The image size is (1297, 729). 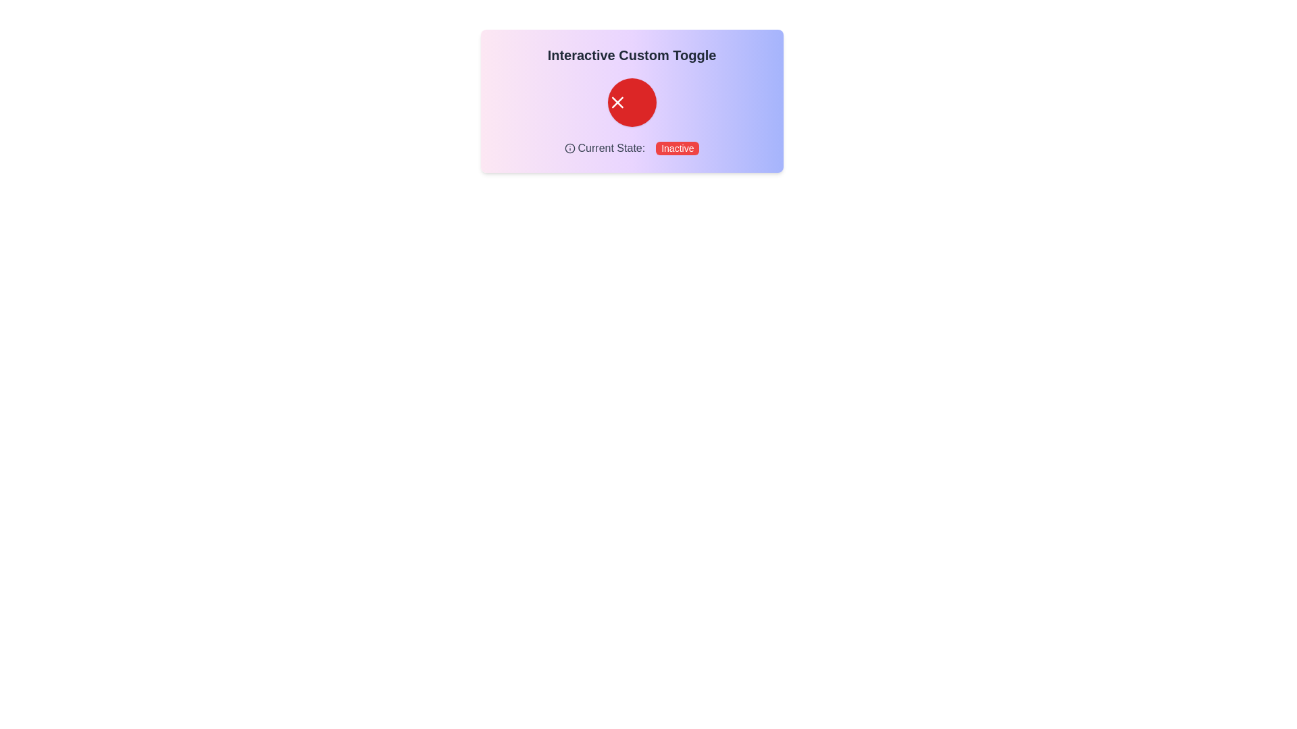 What do you see at coordinates (631, 101) in the screenshot?
I see `the circular button with a red background and a white 'X' icon` at bounding box center [631, 101].